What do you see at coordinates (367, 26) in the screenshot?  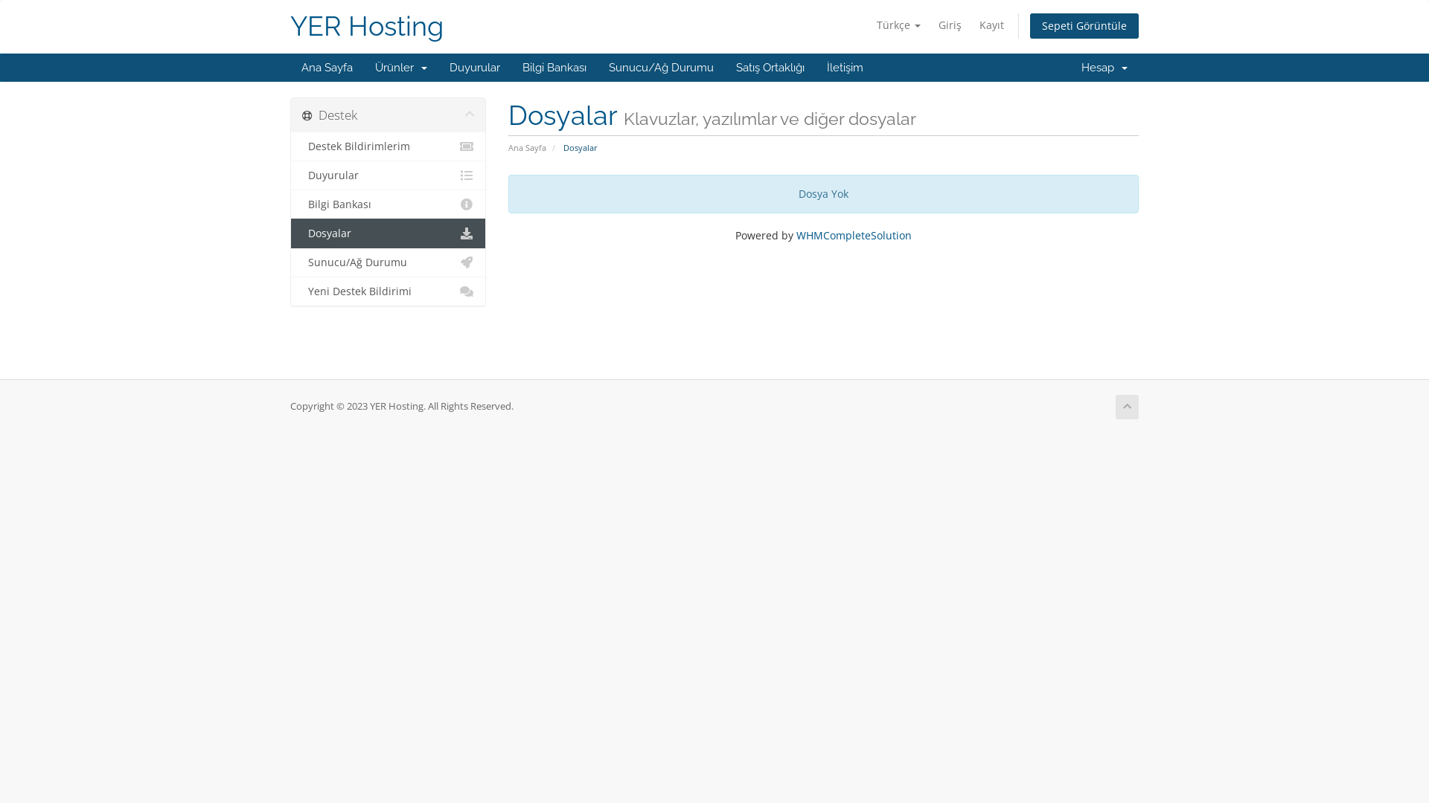 I see `'YER Hosting'` at bounding box center [367, 26].